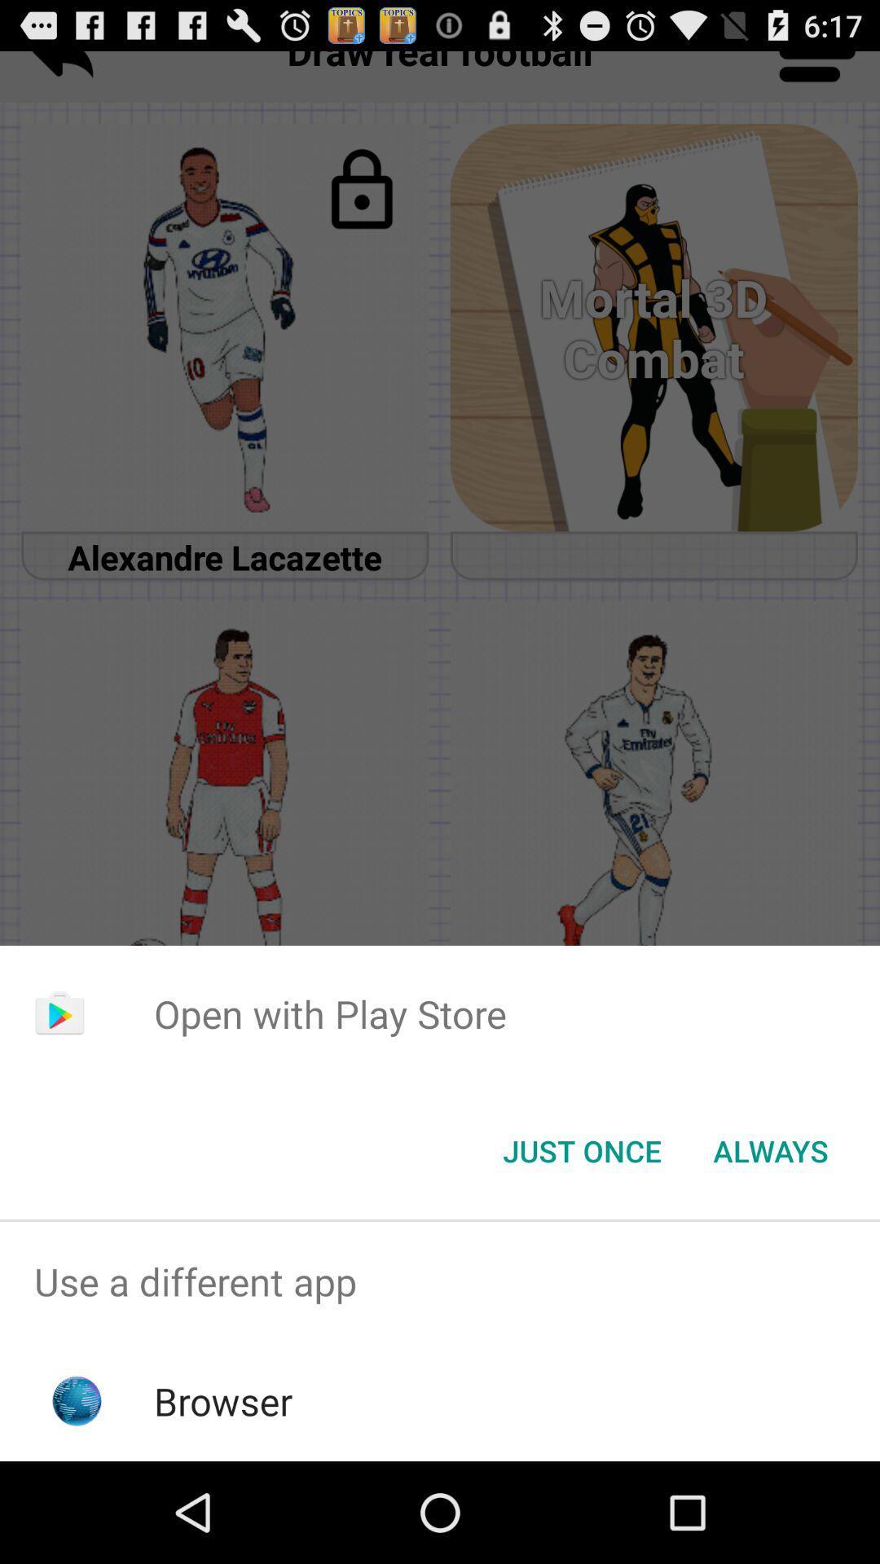 The image size is (880, 1564). What do you see at coordinates (770, 1149) in the screenshot?
I see `the always button` at bounding box center [770, 1149].